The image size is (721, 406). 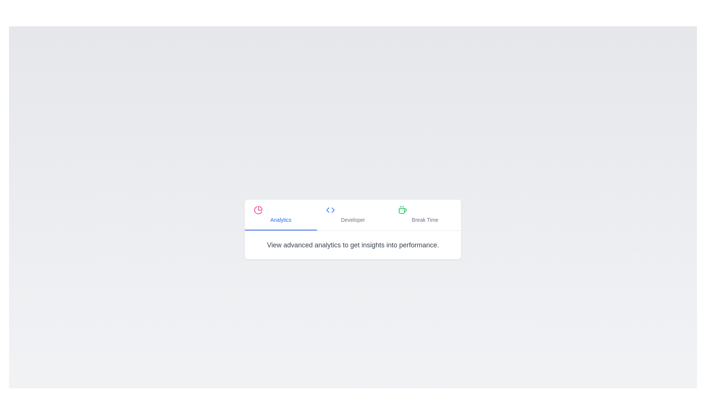 I want to click on the text 'View advanced analytics to get insights into performance.' for copying or accessibility purposes, so click(x=353, y=245).